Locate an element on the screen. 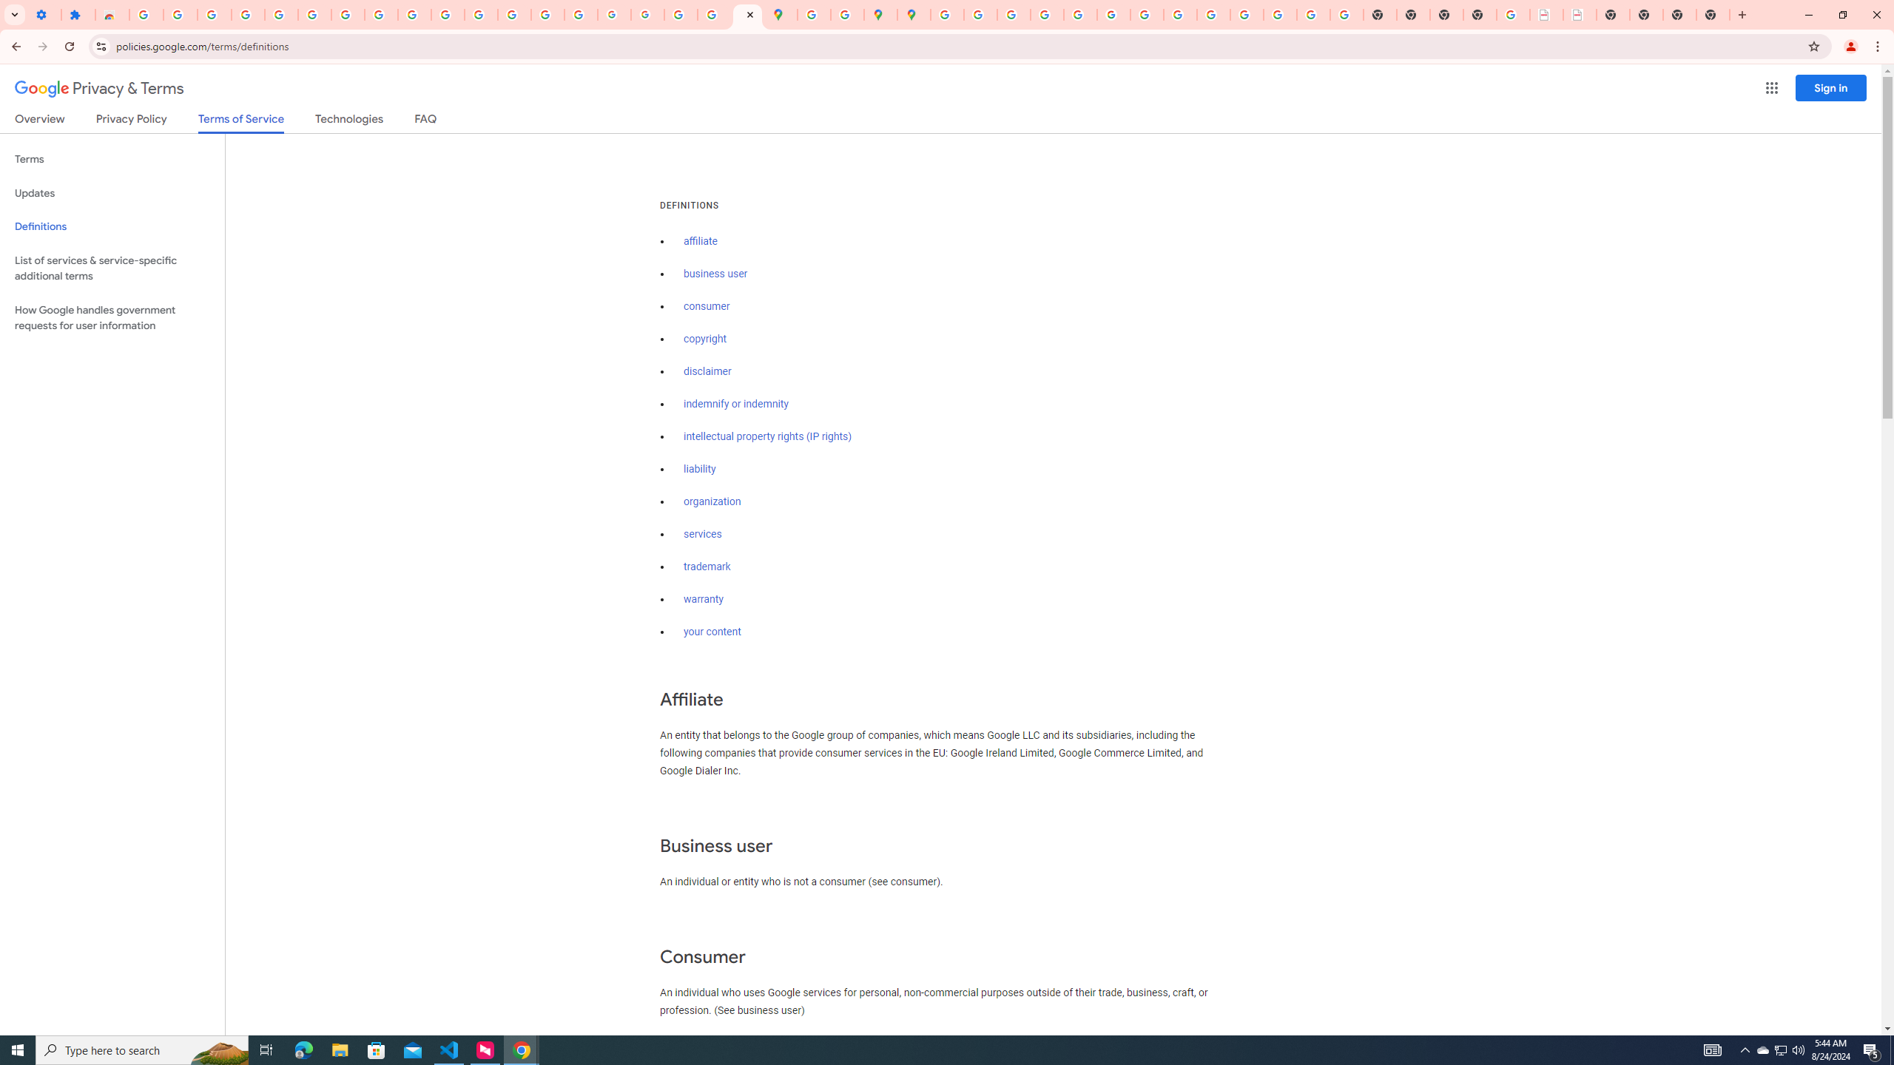 This screenshot has height=1065, width=1894. 'New Tab' is located at coordinates (1713, 14).